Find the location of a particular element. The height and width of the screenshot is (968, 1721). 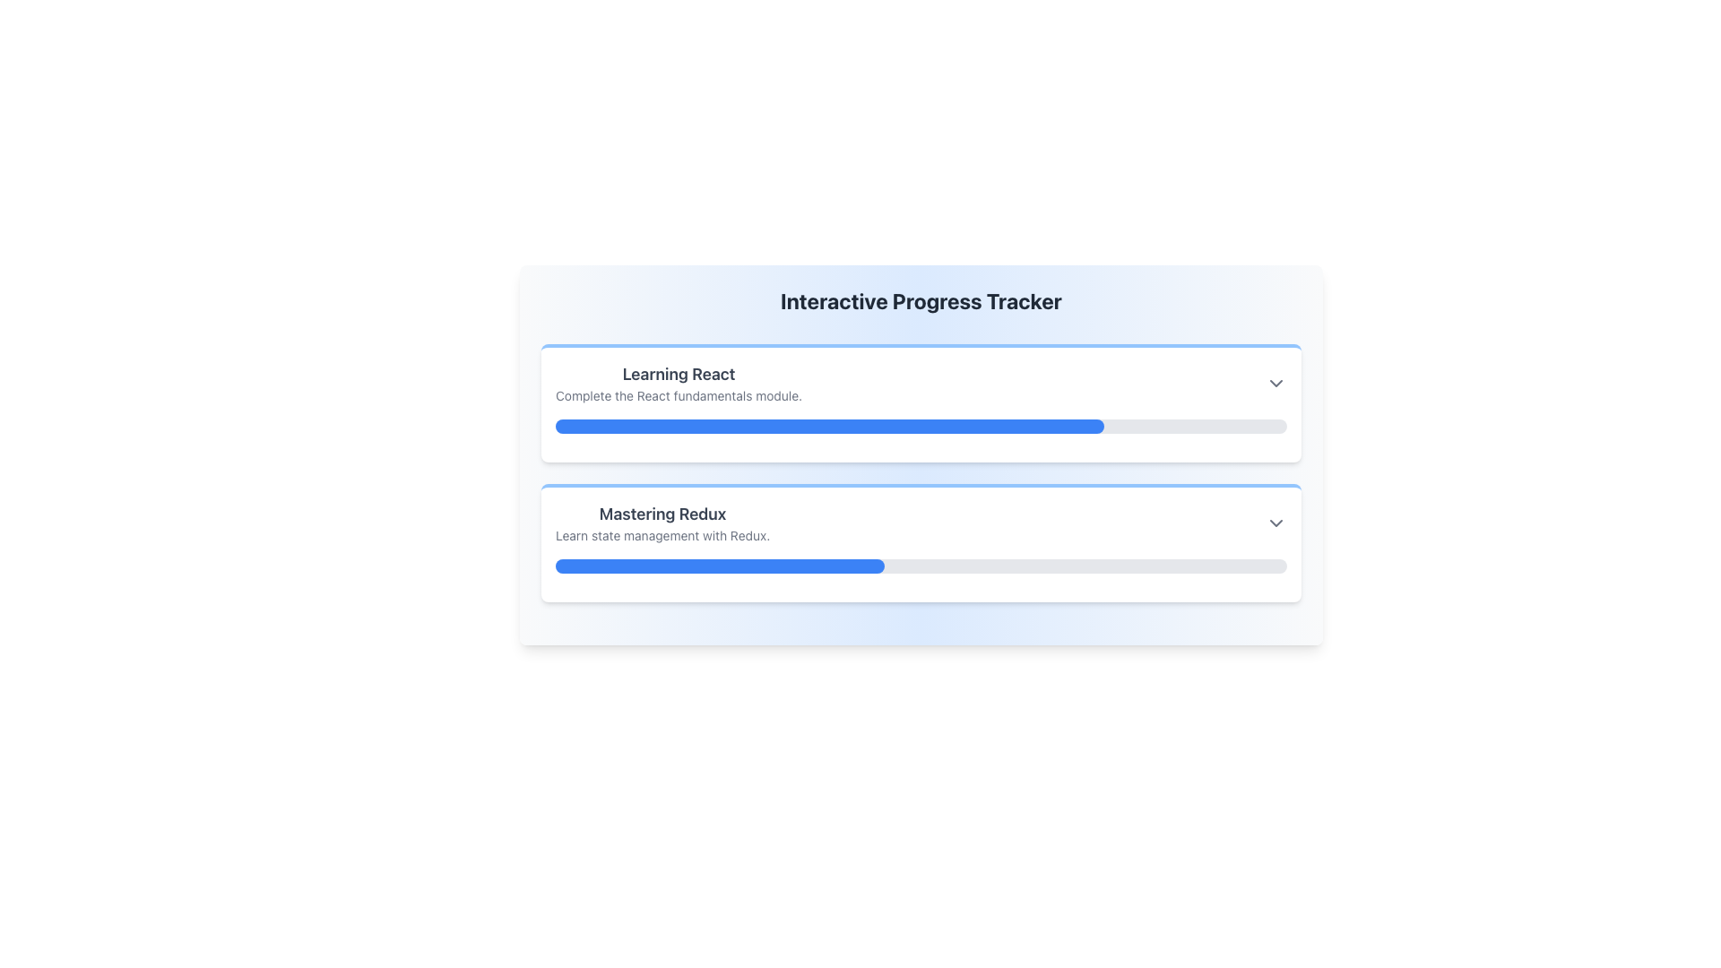

the horizontal progress bar located at the bottom of the card with the heading 'Learning React'. It is filled with blue, indicating 75% completion is located at coordinates (921, 426).